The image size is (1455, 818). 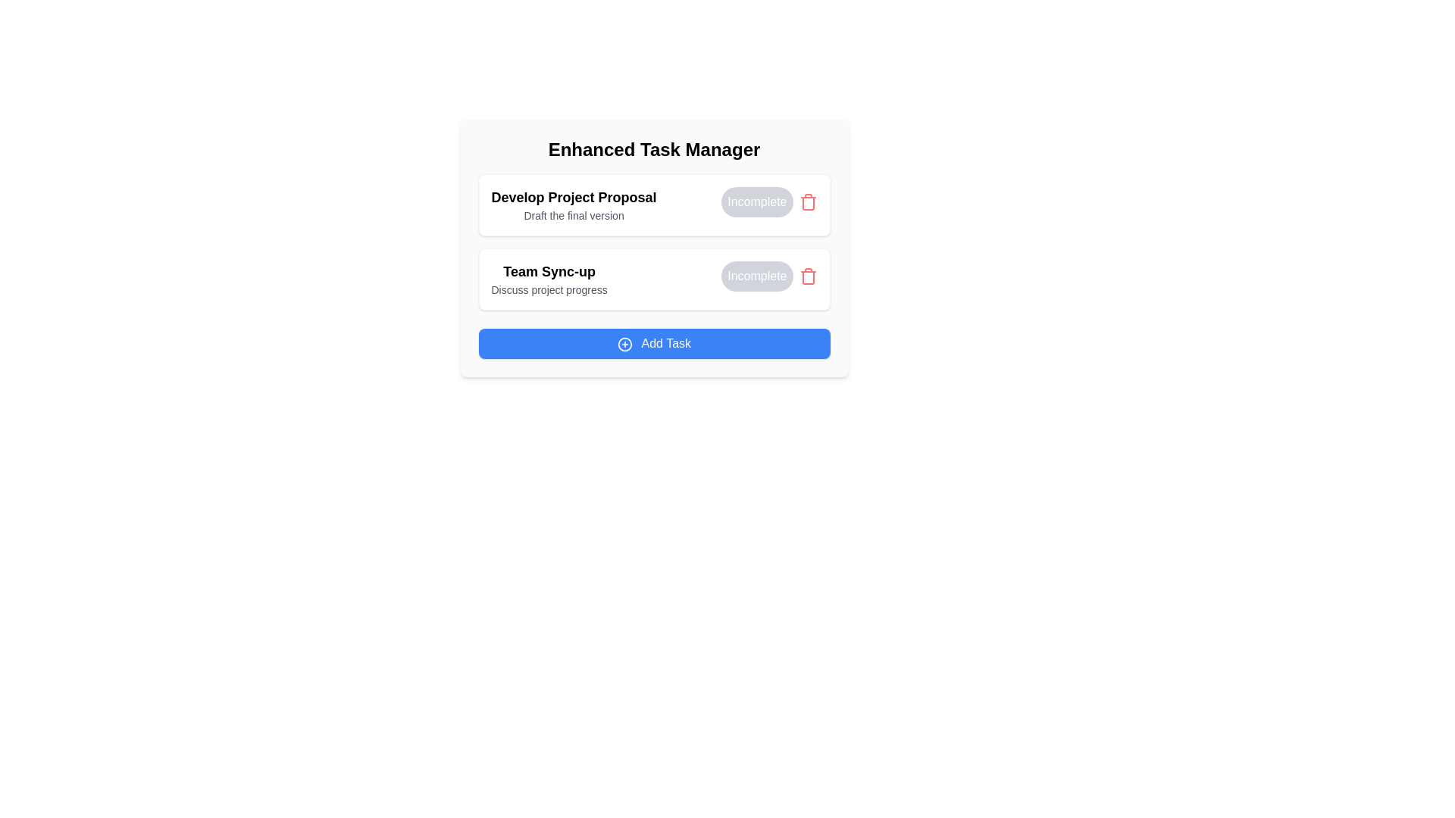 I want to click on the status indicator that shows 'Incomplete' for the 'Develop Project Proposal' task, located to the right of the task title and description, so click(x=769, y=201).